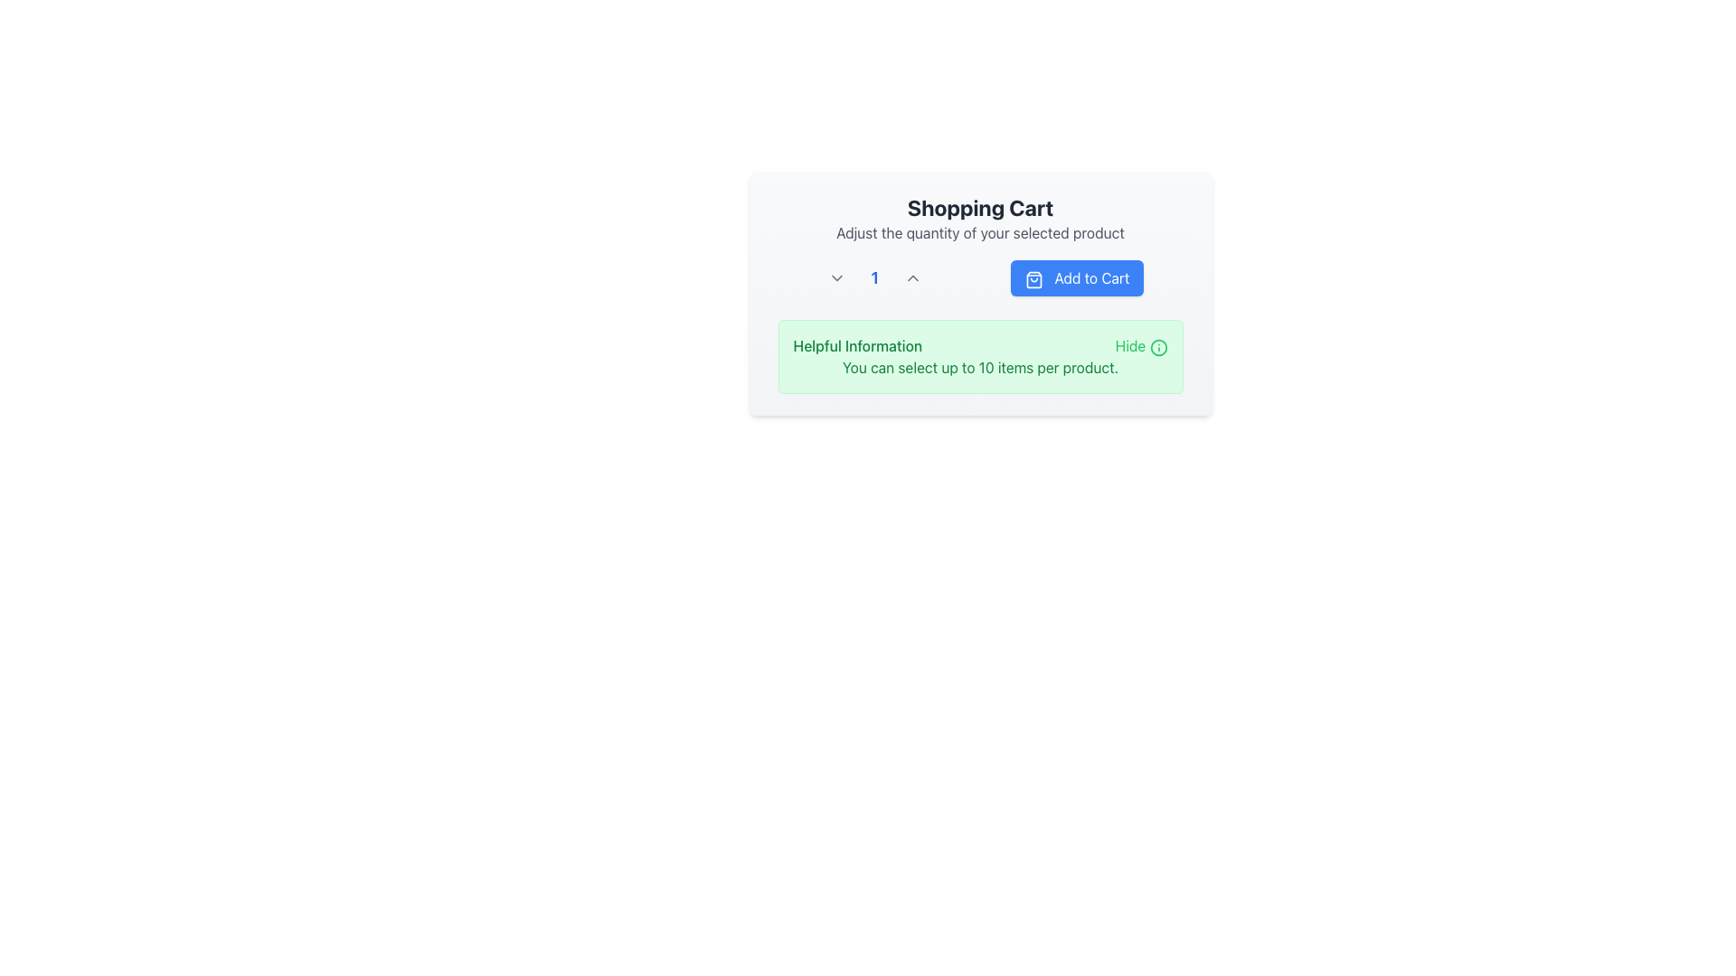 This screenshot has width=1736, height=976. Describe the element at coordinates (874, 278) in the screenshot. I see `the numeric quantity text element, which is centered between two arrow icons and part of the 'Add to Cart' section` at that location.